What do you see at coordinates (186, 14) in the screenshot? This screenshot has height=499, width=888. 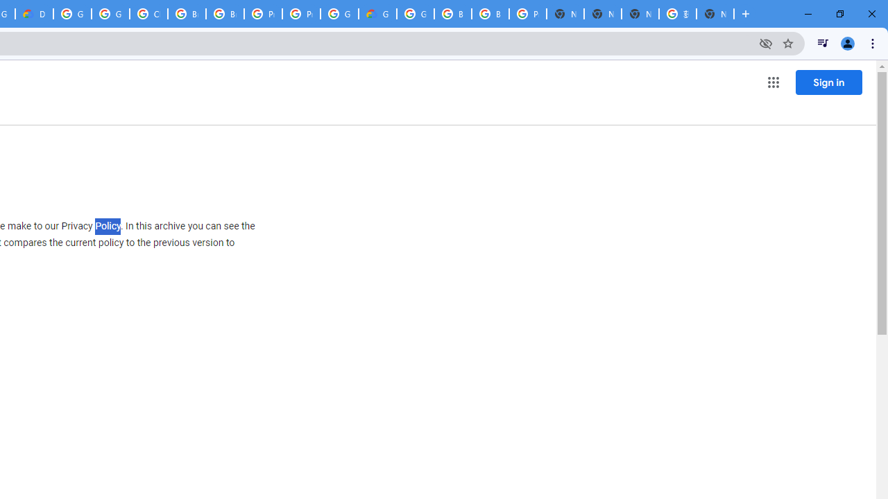 I see `'Browse Chrome as a guest - Computer - Google Chrome Help'` at bounding box center [186, 14].